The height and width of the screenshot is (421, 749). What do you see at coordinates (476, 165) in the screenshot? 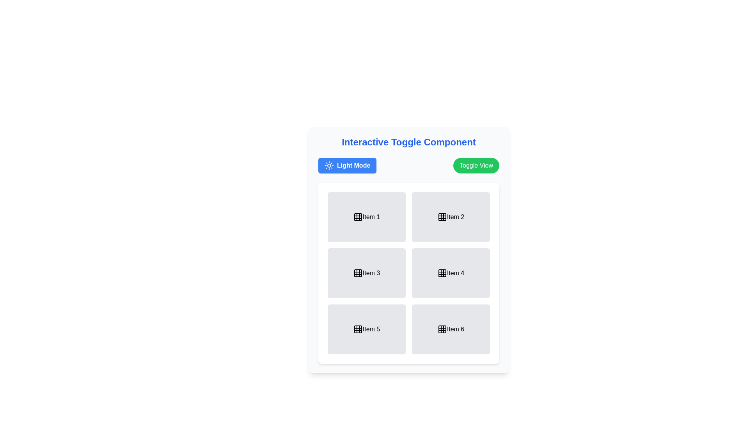
I see `the button located to the right of the 'Light Mode' button` at bounding box center [476, 165].